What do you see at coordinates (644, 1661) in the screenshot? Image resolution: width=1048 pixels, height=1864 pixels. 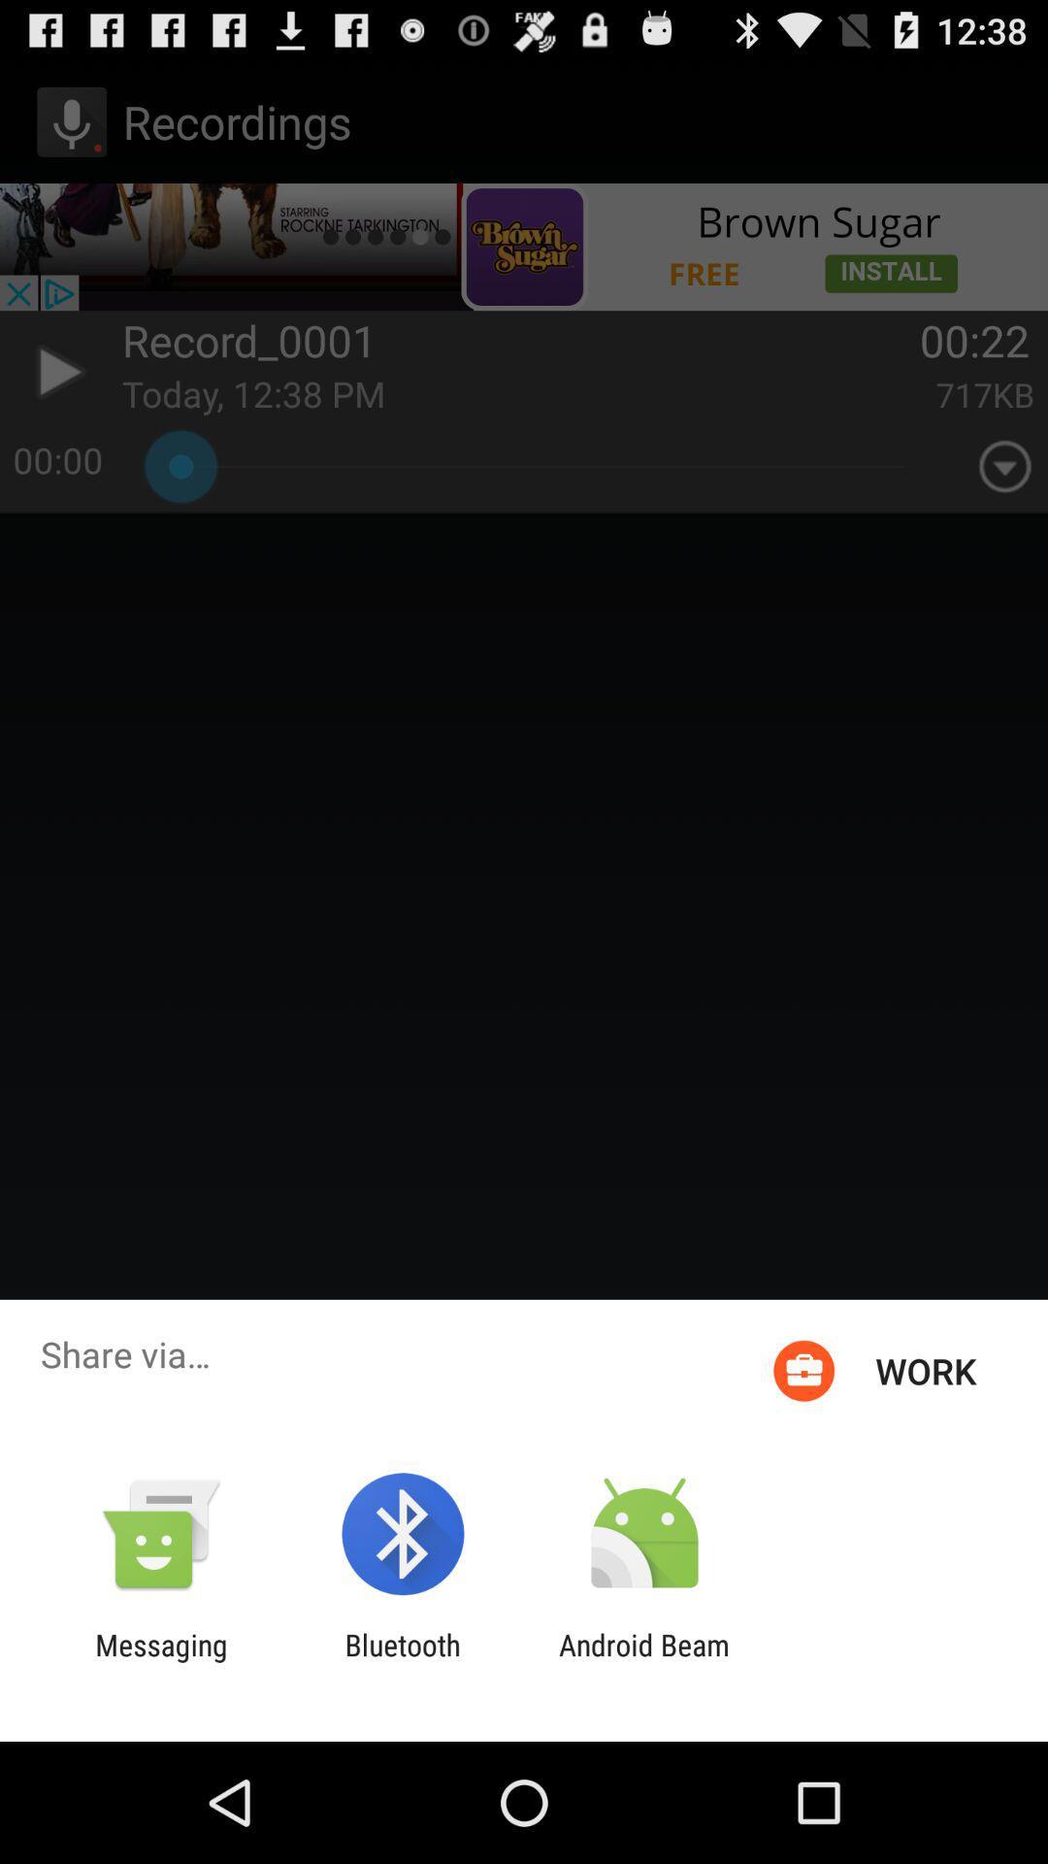 I see `the android beam icon` at bounding box center [644, 1661].